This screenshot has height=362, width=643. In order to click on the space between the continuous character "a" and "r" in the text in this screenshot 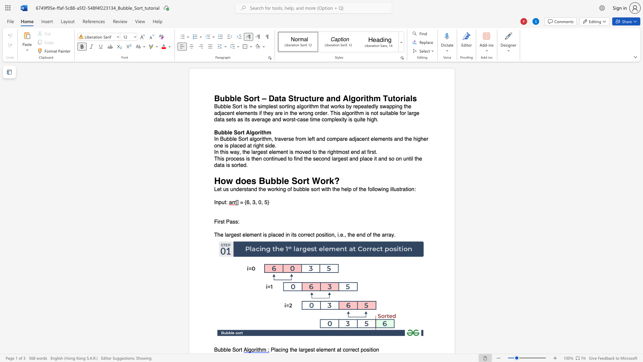, I will do `click(255, 152)`.